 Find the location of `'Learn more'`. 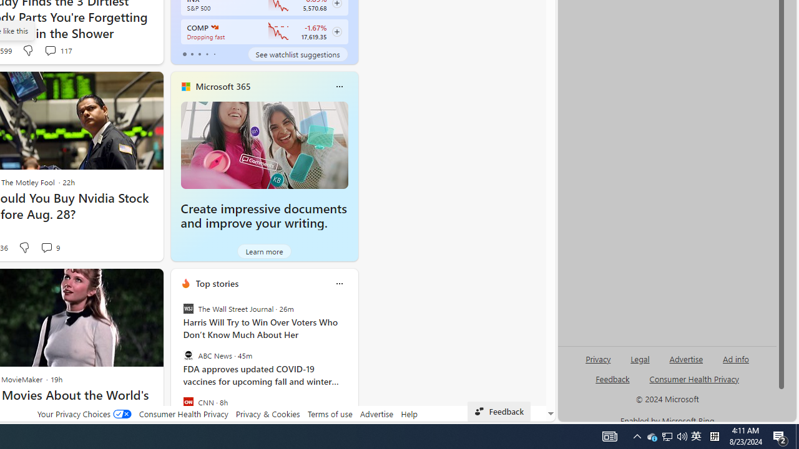

'Learn more' is located at coordinates (263, 251).